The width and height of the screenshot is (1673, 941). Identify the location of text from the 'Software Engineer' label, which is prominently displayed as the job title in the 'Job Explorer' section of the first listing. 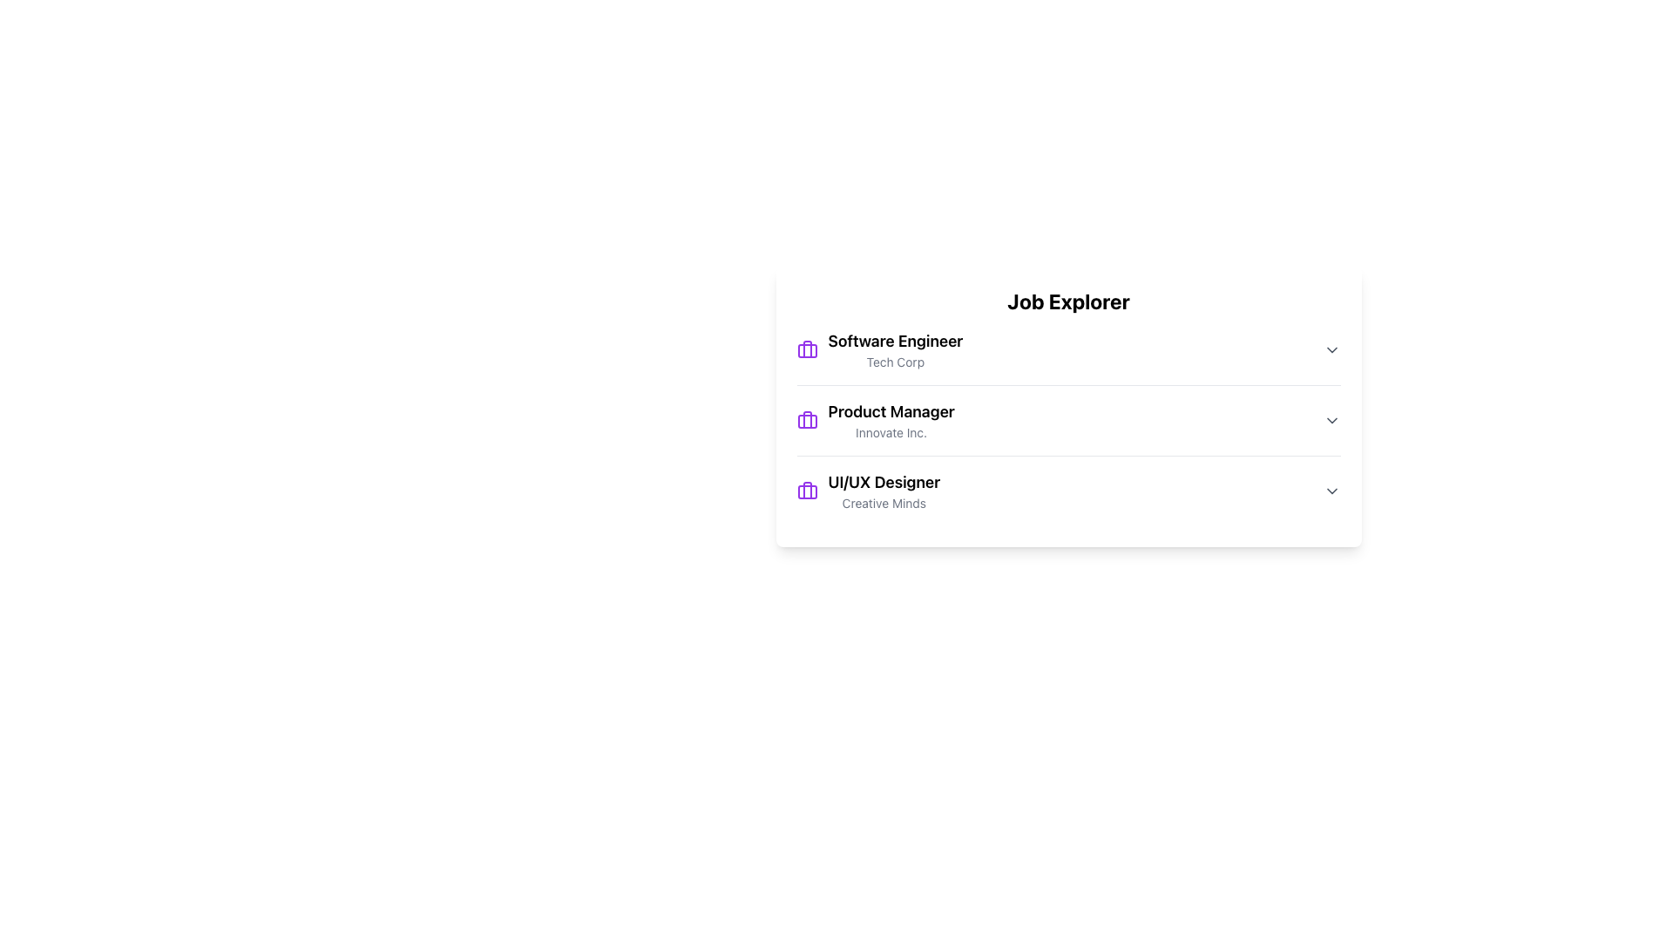
(895, 342).